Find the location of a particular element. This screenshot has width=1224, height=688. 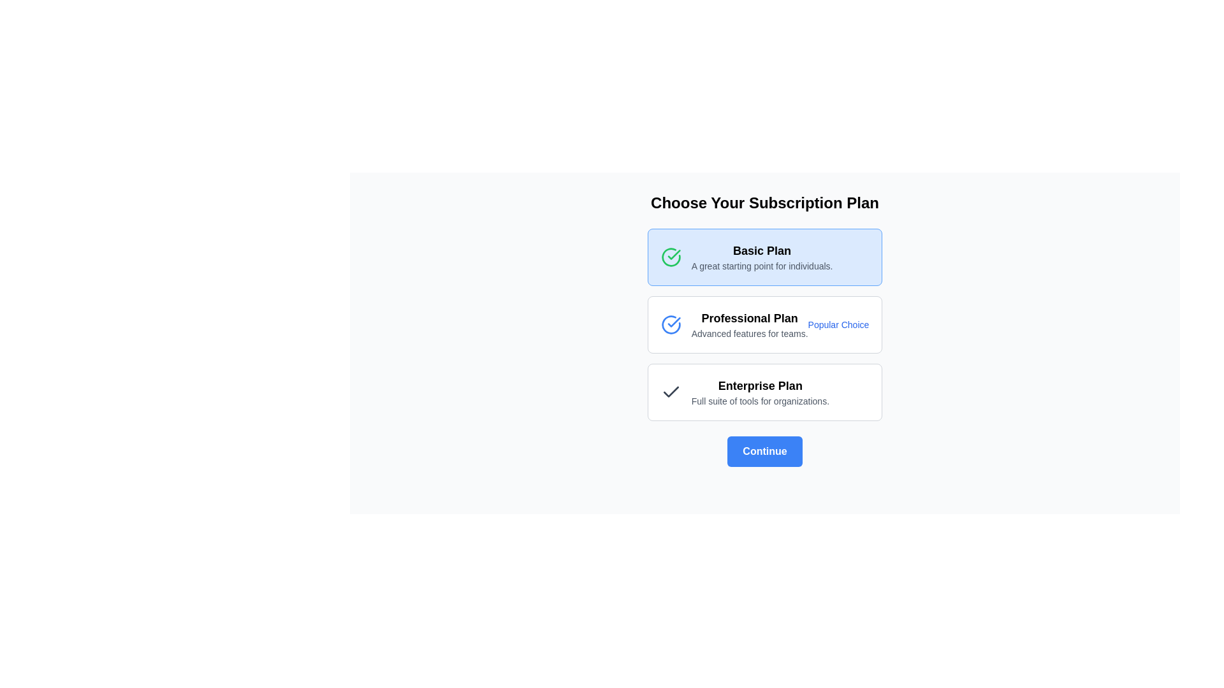

the selection card representing the 'Professional Plan', which is the second item in a vertical list of subscription plans is located at coordinates (765, 324).